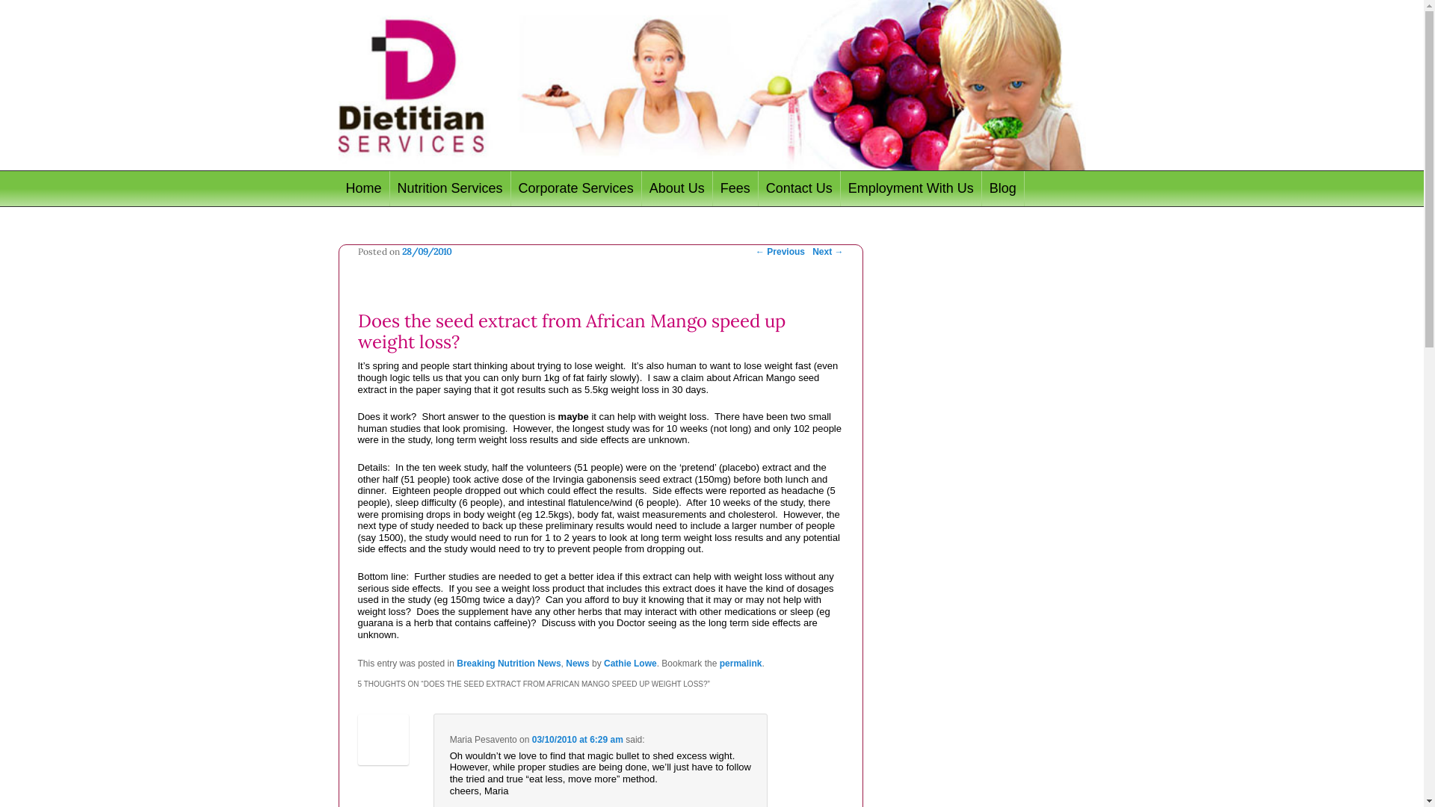  I want to click on 'Skip to secondary content', so click(422, 188).